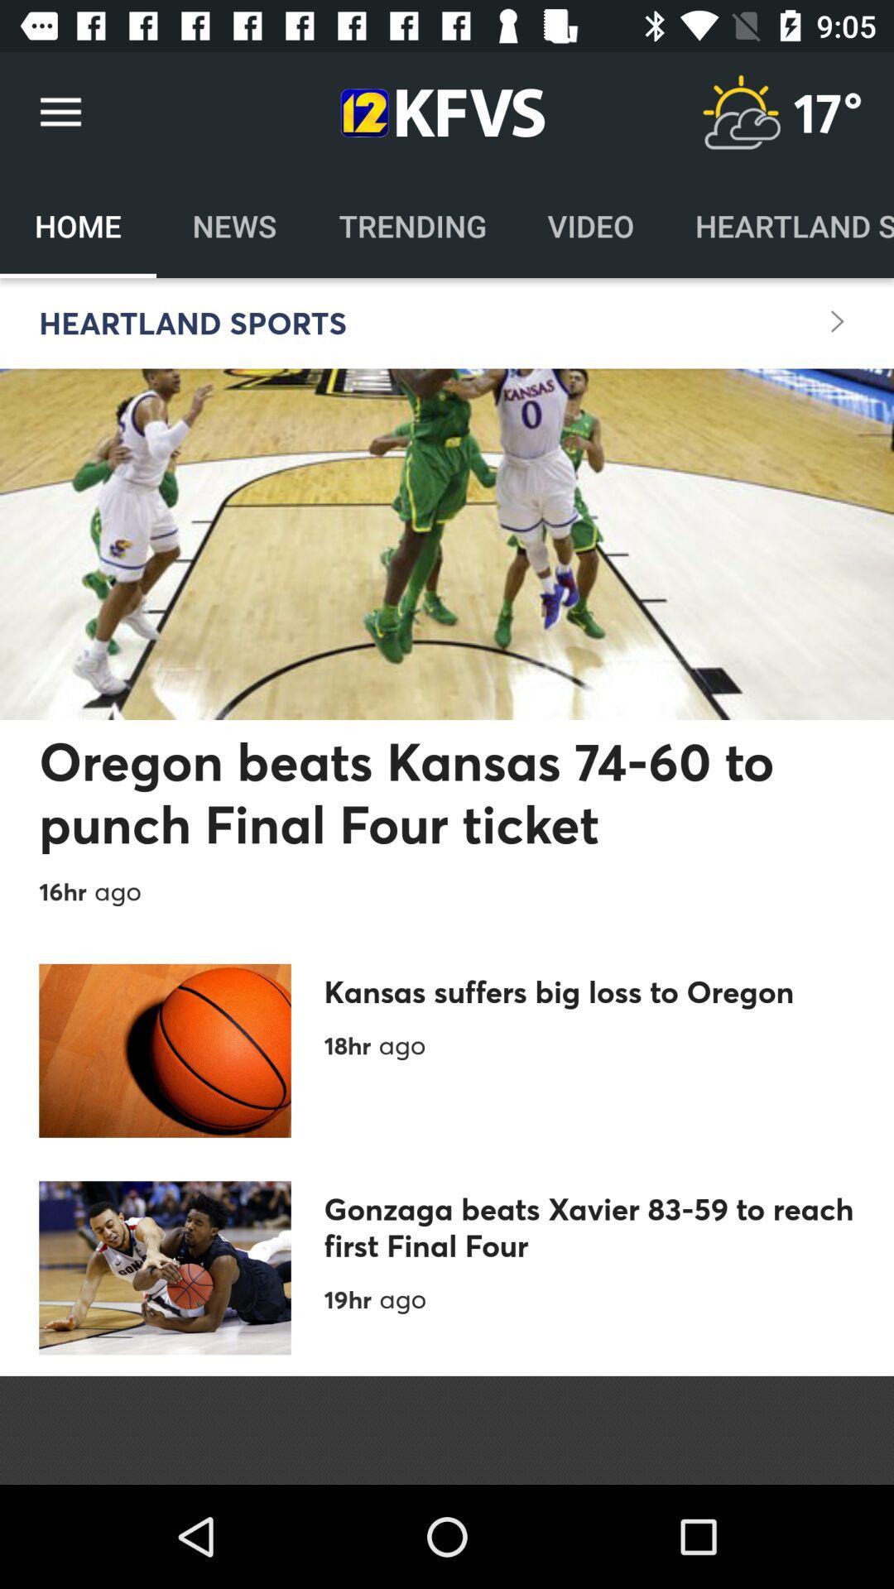 This screenshot has height=1589, width=894. I want to click on weather button, so click(740, 112).